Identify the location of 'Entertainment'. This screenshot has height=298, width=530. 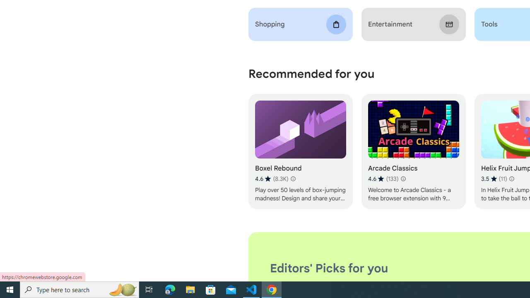
(413, 24).